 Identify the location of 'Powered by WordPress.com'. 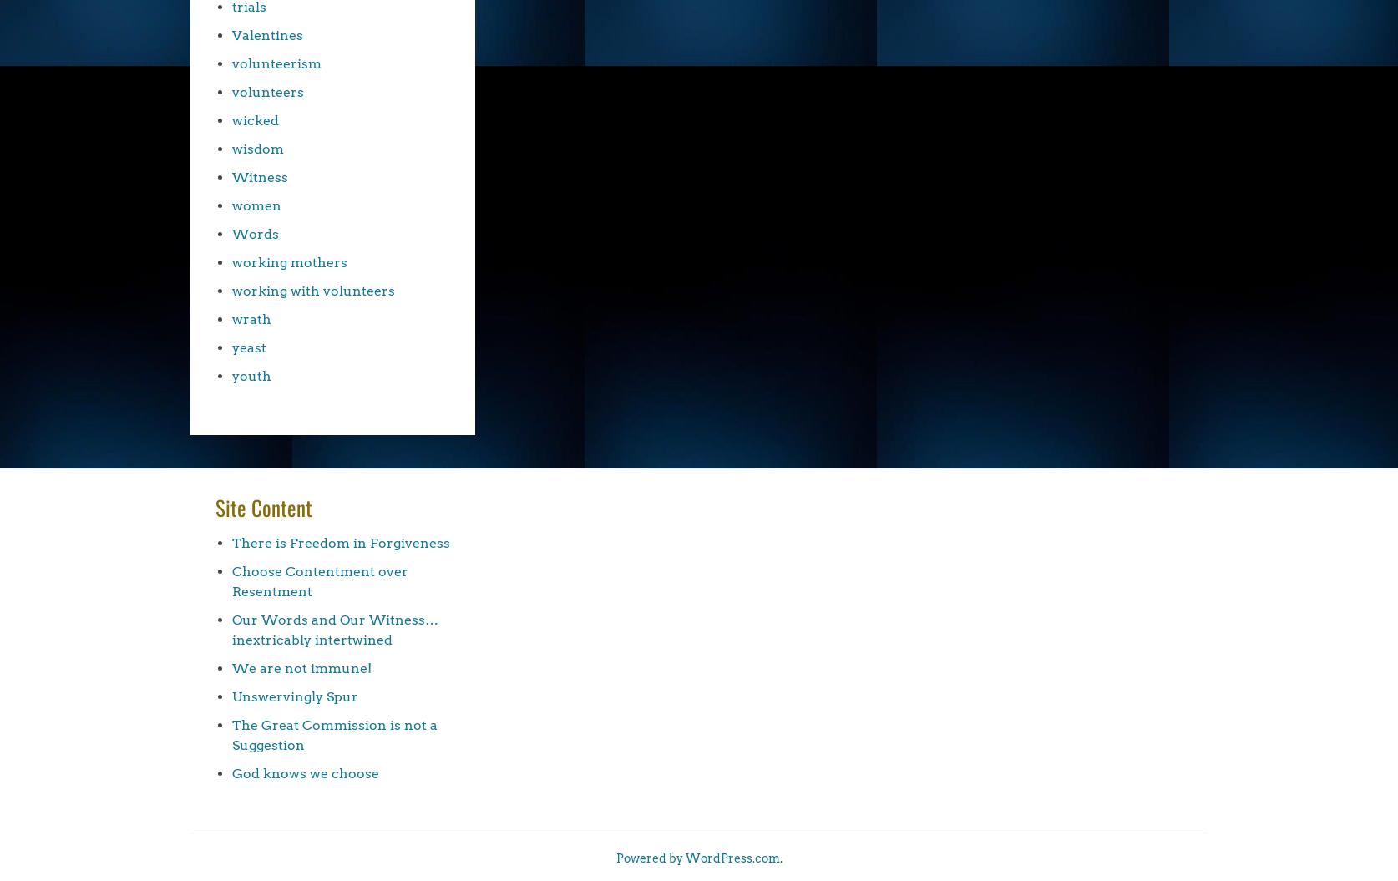
(615, 857).